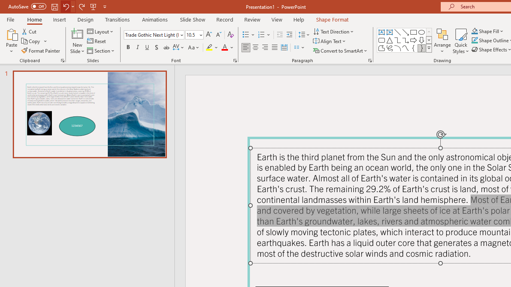 The height and width of the screenshot is (287, 511). Describe the element at coordinates (341, 51) in the screenshot. I see `'Convert to SmartArt'` at that location.